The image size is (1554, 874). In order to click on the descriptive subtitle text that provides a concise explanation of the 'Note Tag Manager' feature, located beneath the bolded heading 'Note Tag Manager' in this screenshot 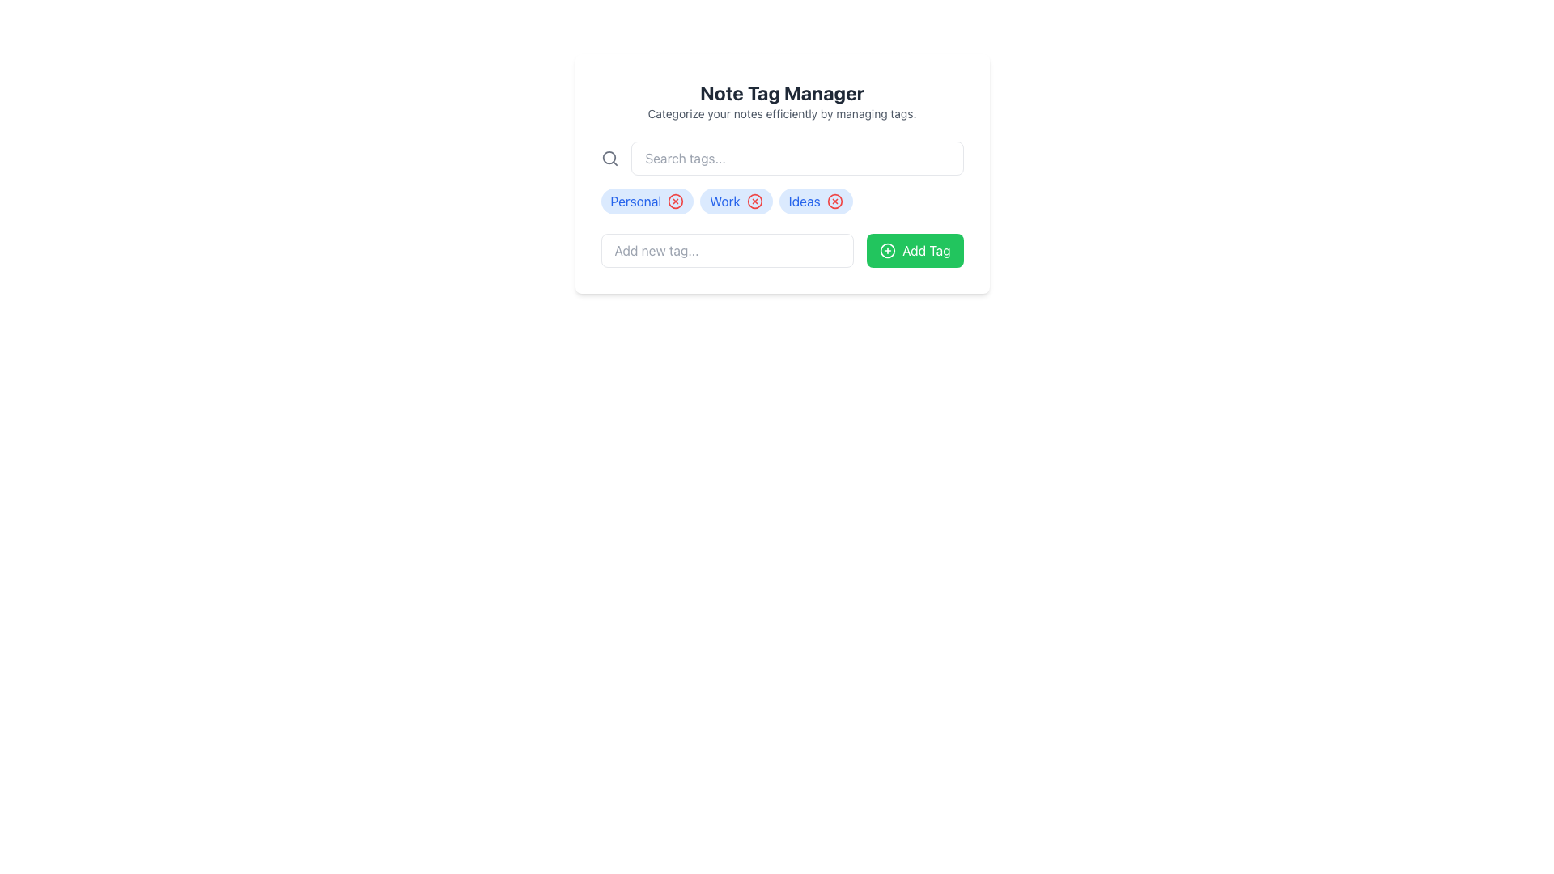, I will do `click(782, 113)`.